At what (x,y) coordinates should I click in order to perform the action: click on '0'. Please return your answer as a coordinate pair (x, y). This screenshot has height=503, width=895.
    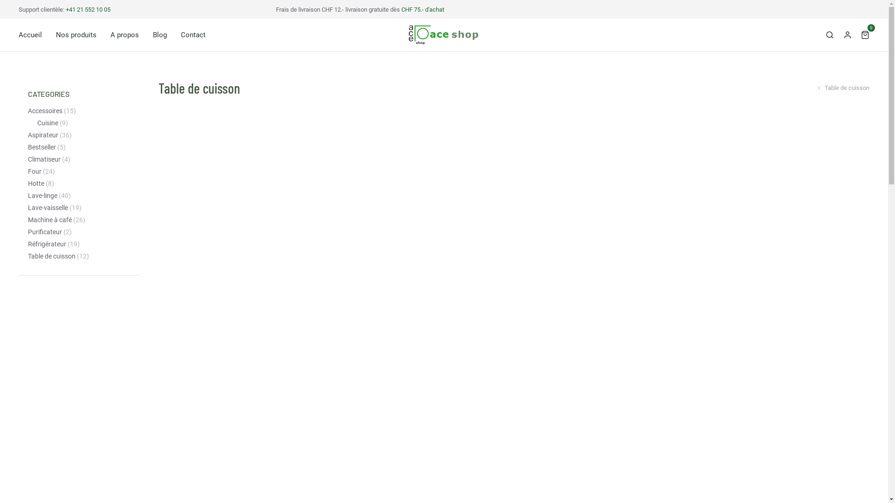
    Looking at the image, I should click on (865, 34).